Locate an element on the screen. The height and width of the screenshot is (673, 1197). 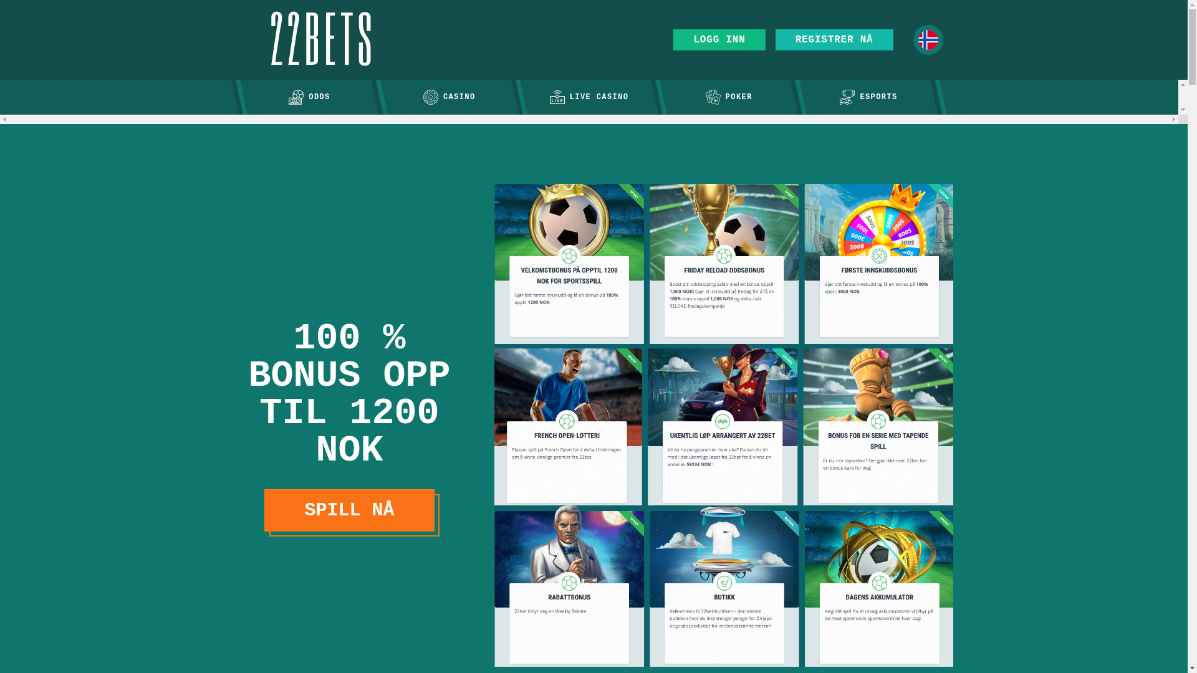
'LOGG INN' is located at coordinates (673, 39).